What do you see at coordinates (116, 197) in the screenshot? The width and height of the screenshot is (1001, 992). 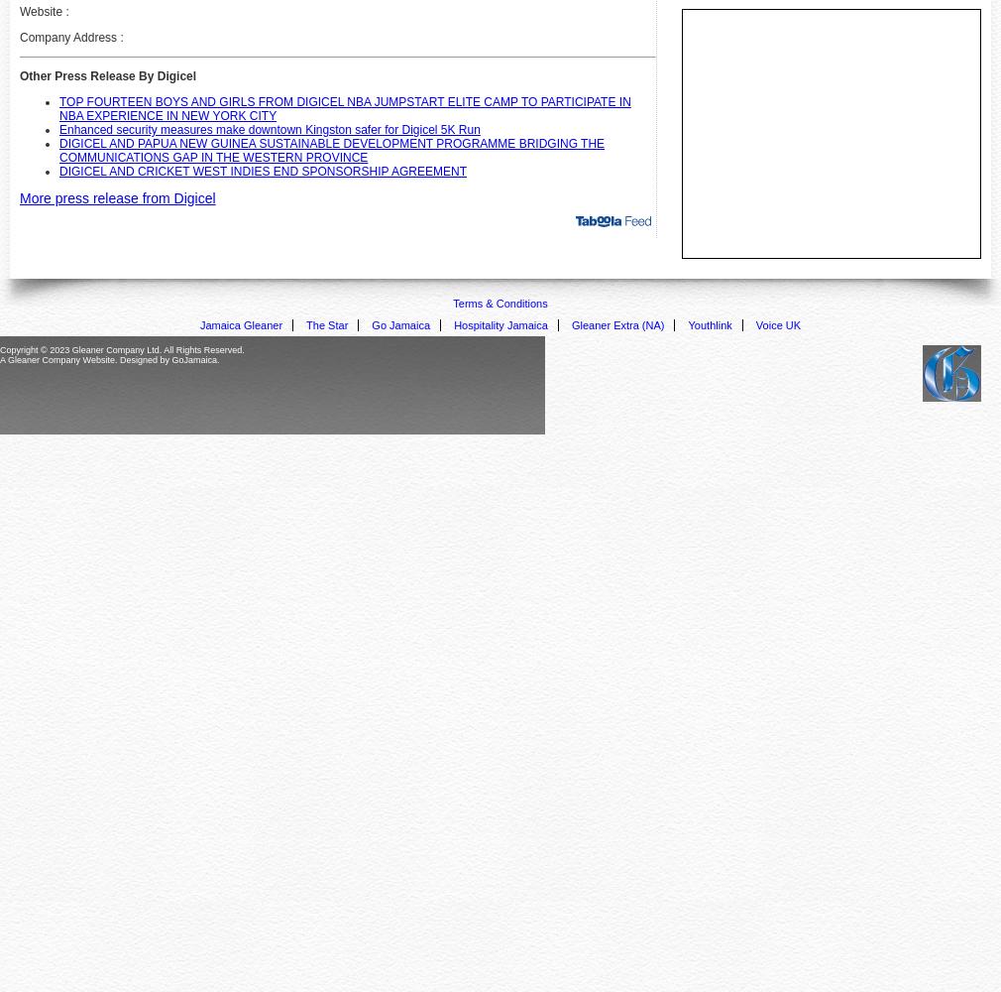 I see `'More press release from Digicel'` at bounding box center [116, 197].